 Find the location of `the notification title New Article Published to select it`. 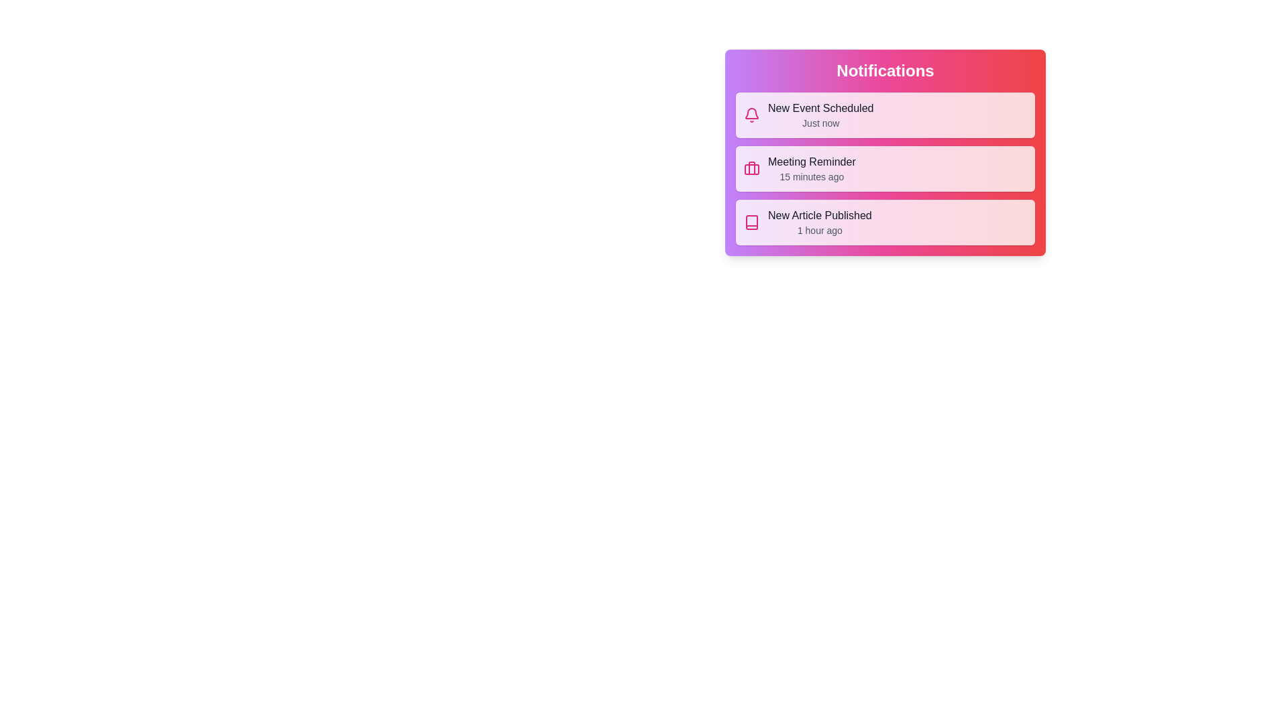

the notification title New Article Published to select it is located at coordinates (819, 215).